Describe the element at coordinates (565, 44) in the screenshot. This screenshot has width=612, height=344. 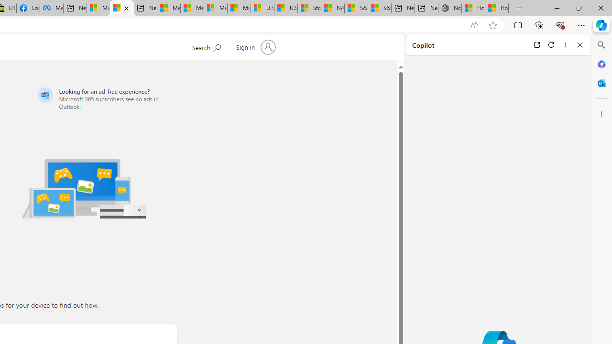
I see `'More options'` at that location.